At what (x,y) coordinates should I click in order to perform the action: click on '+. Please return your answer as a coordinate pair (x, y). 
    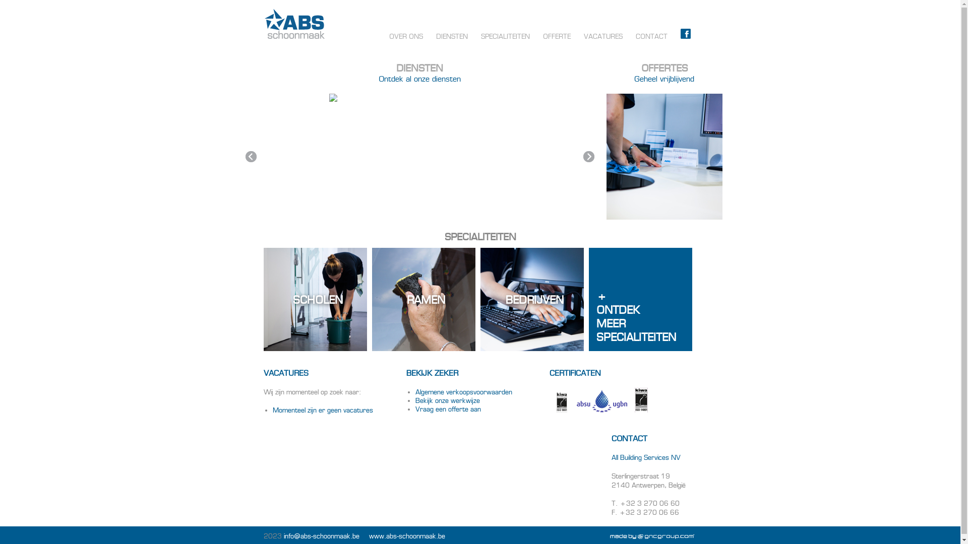
    Looking at the image, I should click on (640, 299).